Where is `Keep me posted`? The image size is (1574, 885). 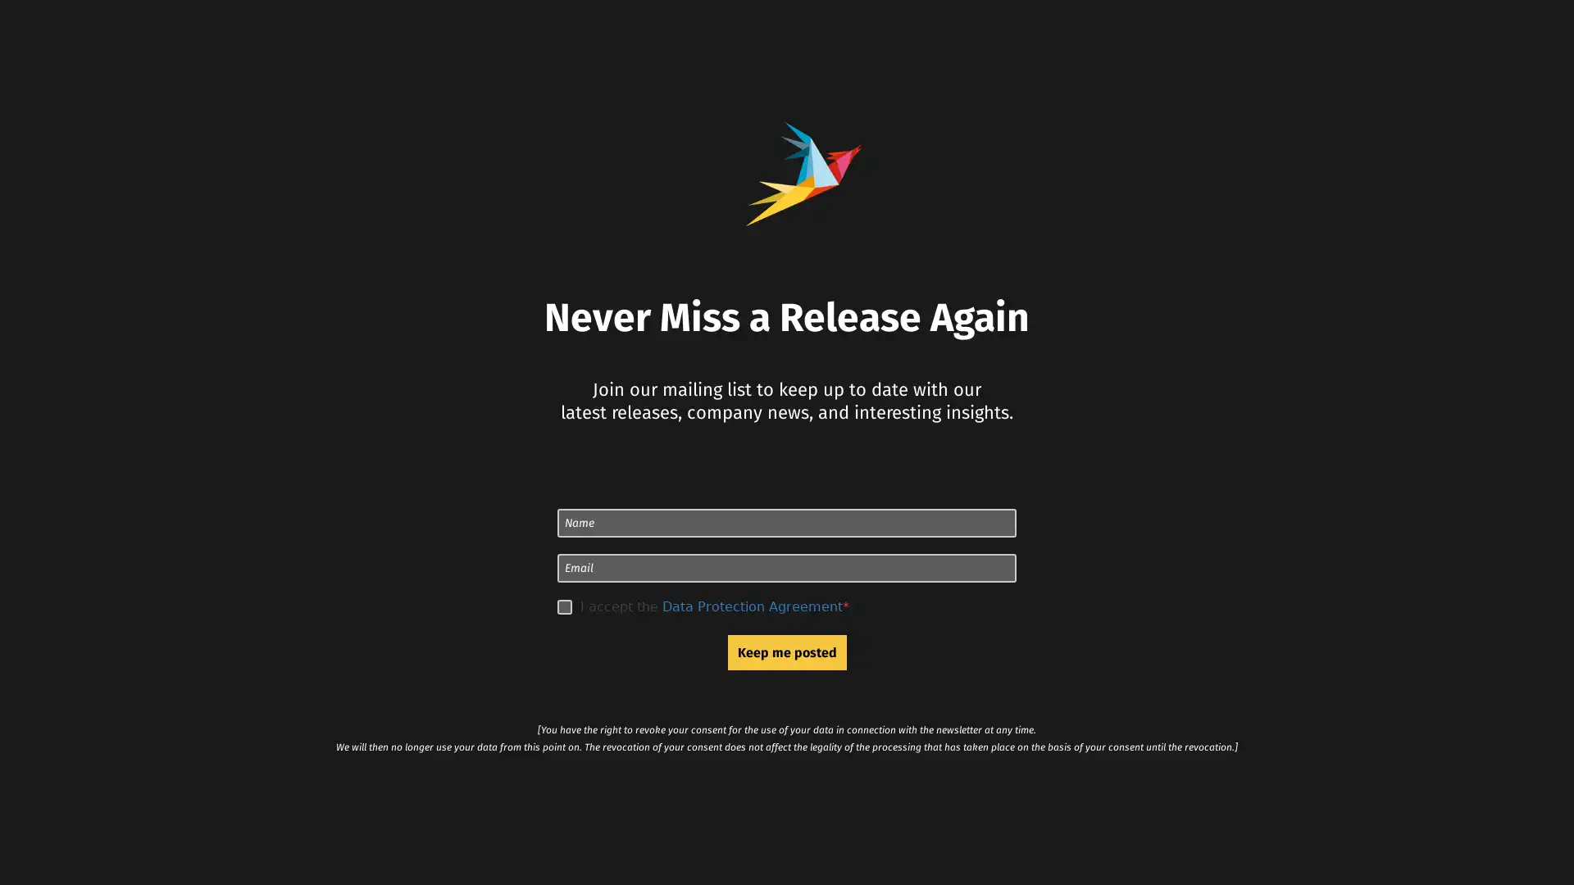
Keep me posted is located at coordinates (785, 651).